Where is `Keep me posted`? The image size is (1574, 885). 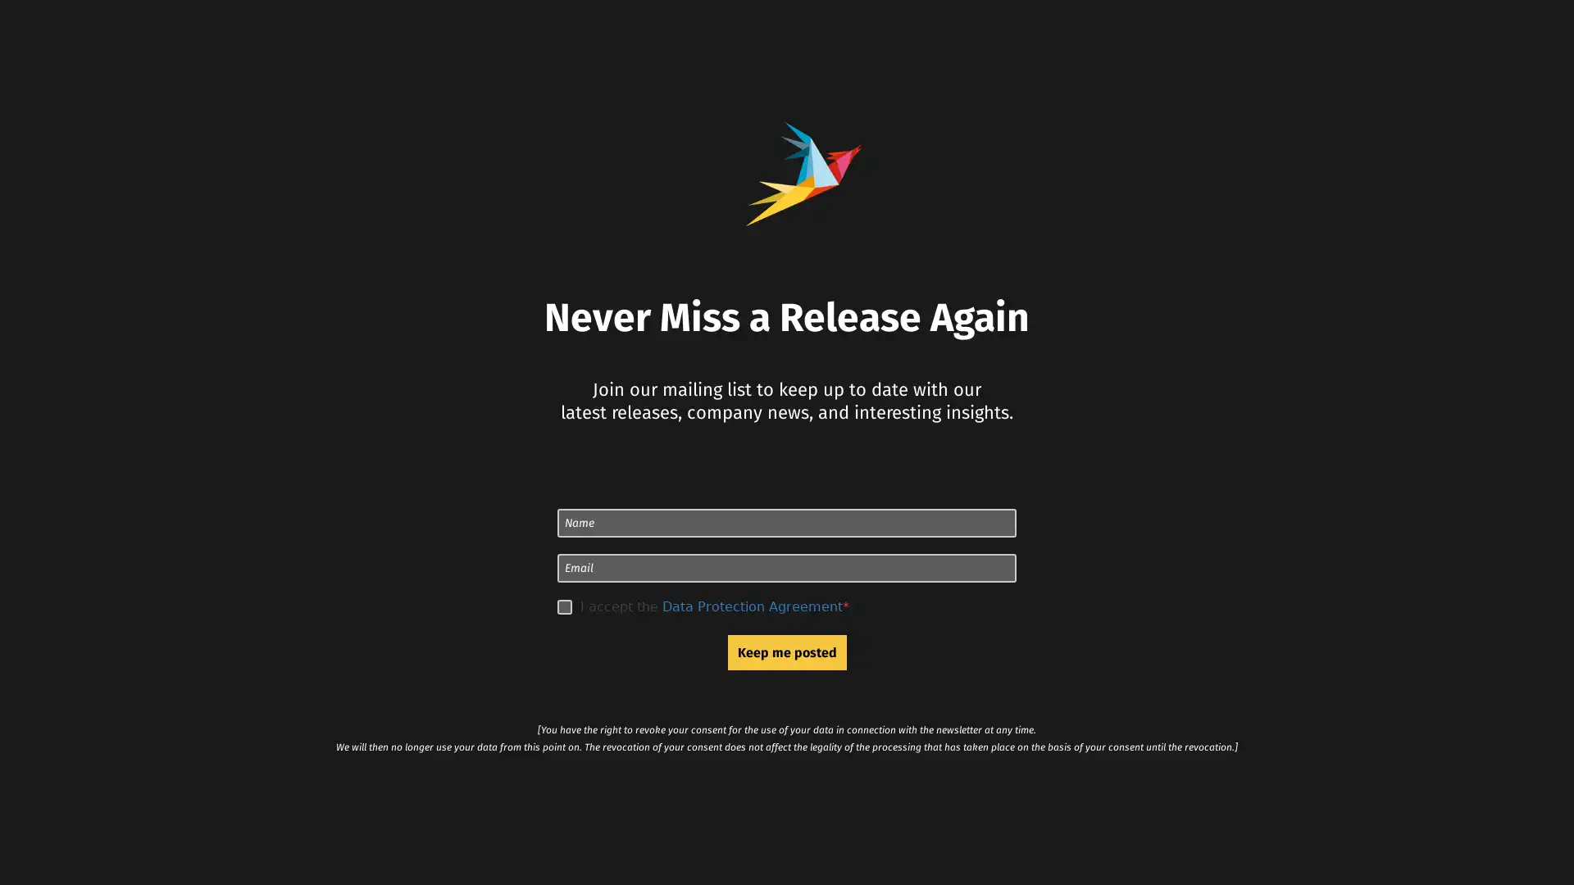
Keep me posted is located at coordinates (785, 651).